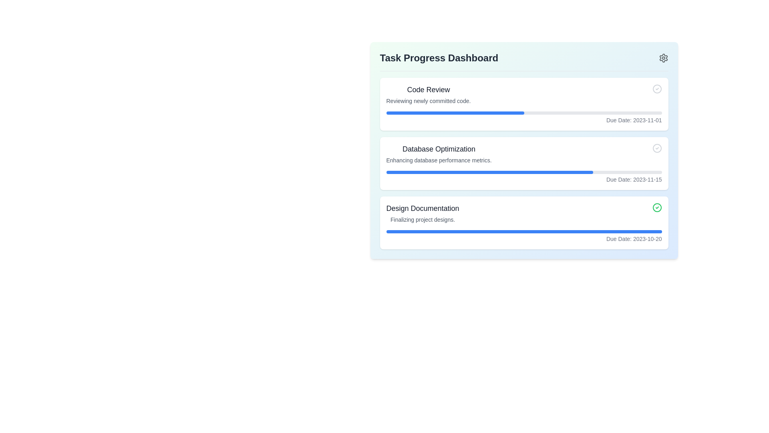  I want to click on the gear-shaped settings icon located at the upper-right corner of the 'Task Progress Dashboard', so click(663, 58).